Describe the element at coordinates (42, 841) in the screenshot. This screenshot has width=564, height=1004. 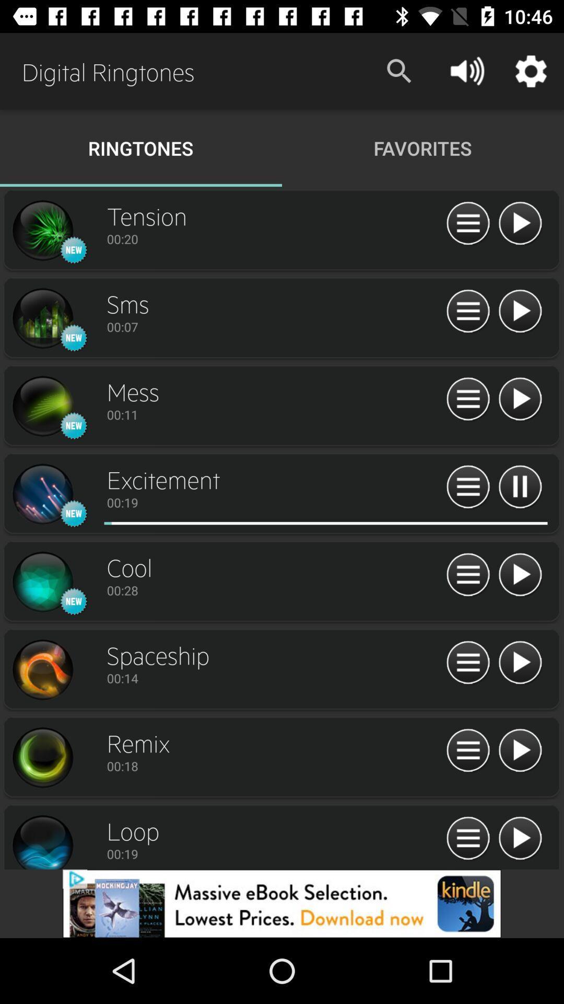
I see `open details for ringtone` at that location.